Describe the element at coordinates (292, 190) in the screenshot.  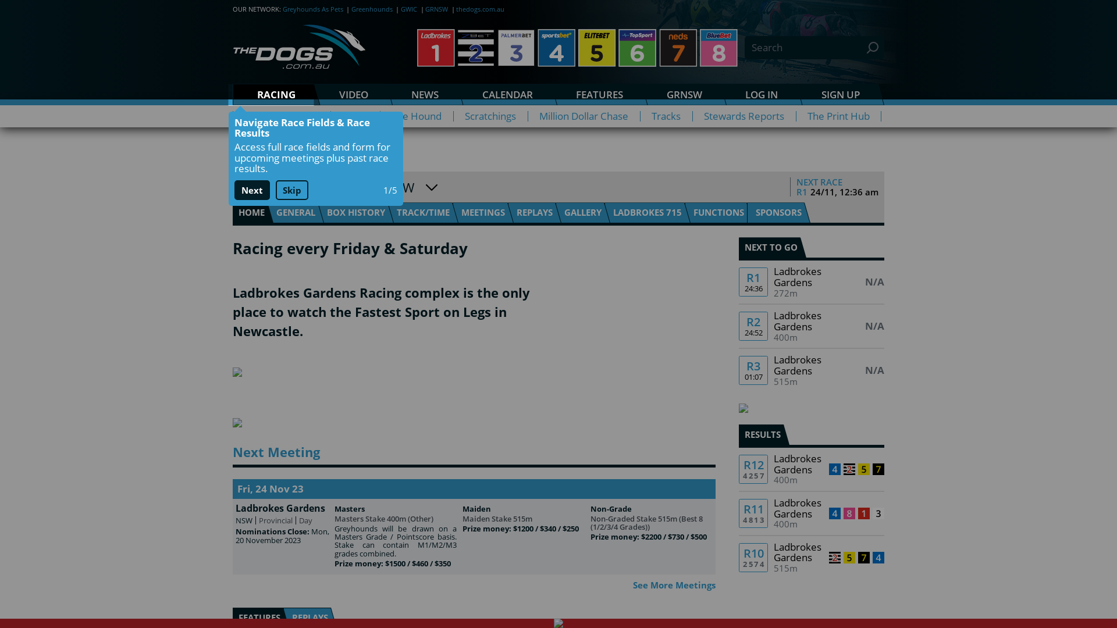
I see `'Skip'` at that location.